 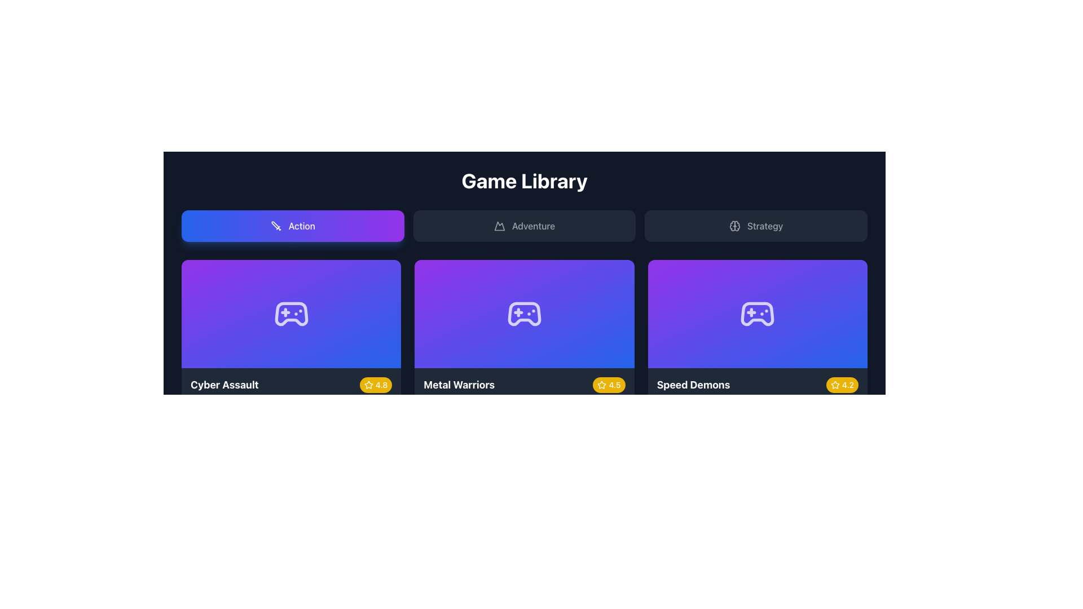 What do you see at coordinates (381, 384) in the screenshot?
I see `the white numerical text '4.8' inside the rounded yellow background of the rating badge at the bottom-right corner of the 'Cyber Assault' game card` at bounding box center [381, 384].